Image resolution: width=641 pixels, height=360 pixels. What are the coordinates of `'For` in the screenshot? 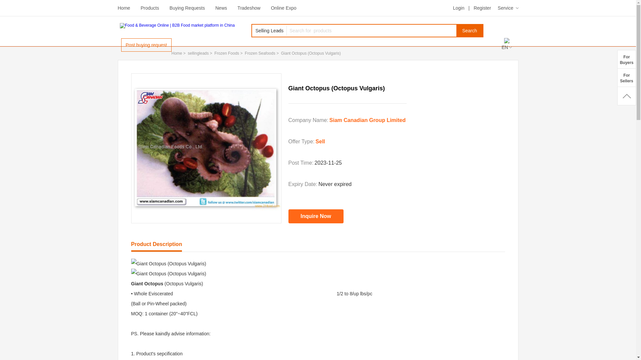 It's located at (626, 77).